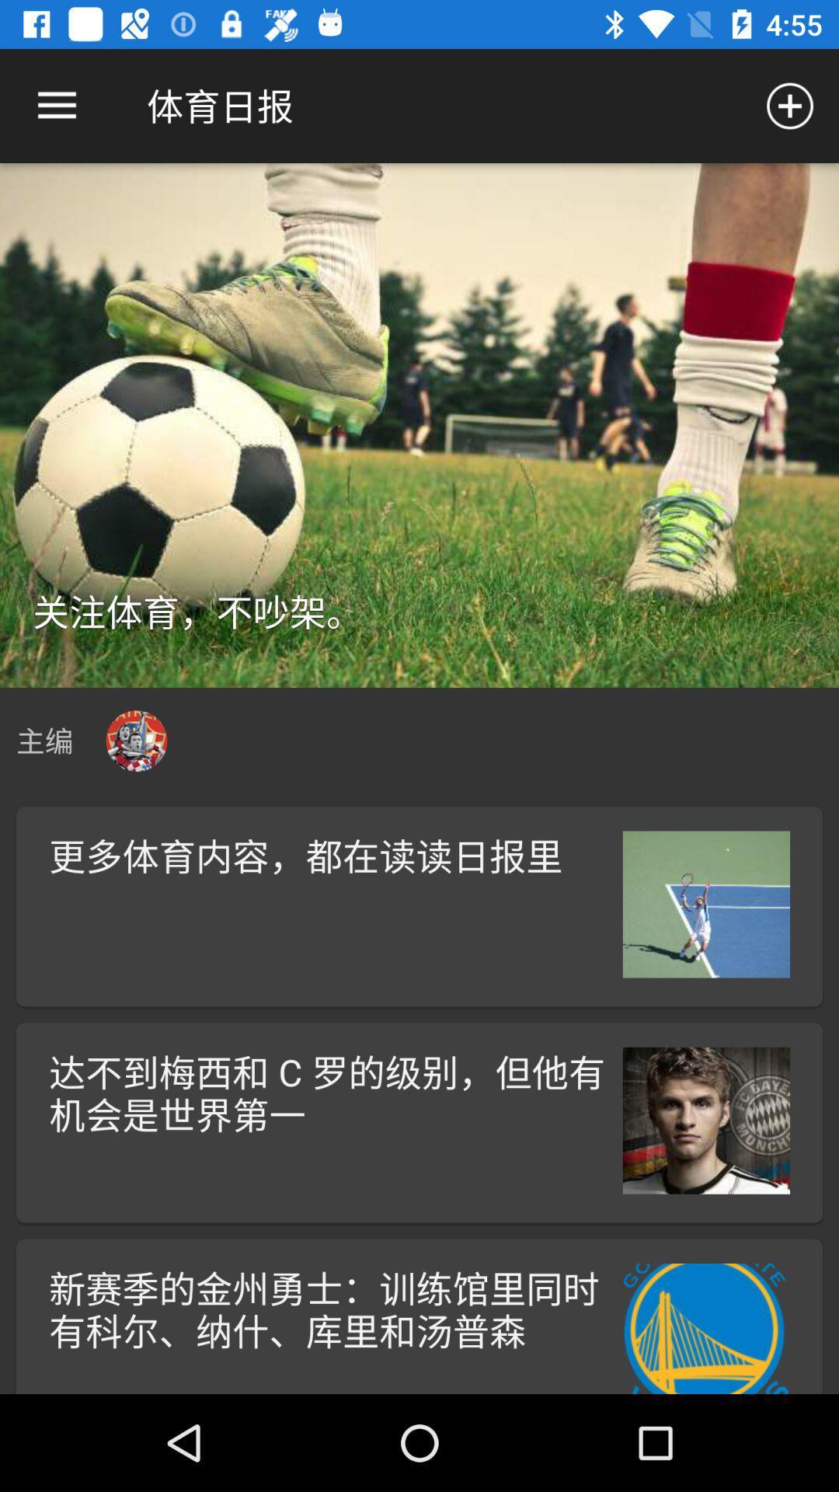 The width and height of the screenshot is (839, 1492). Describe the element at coordinates (790, 105) in the screenshot. I see `the item at the top right corner` at that location.